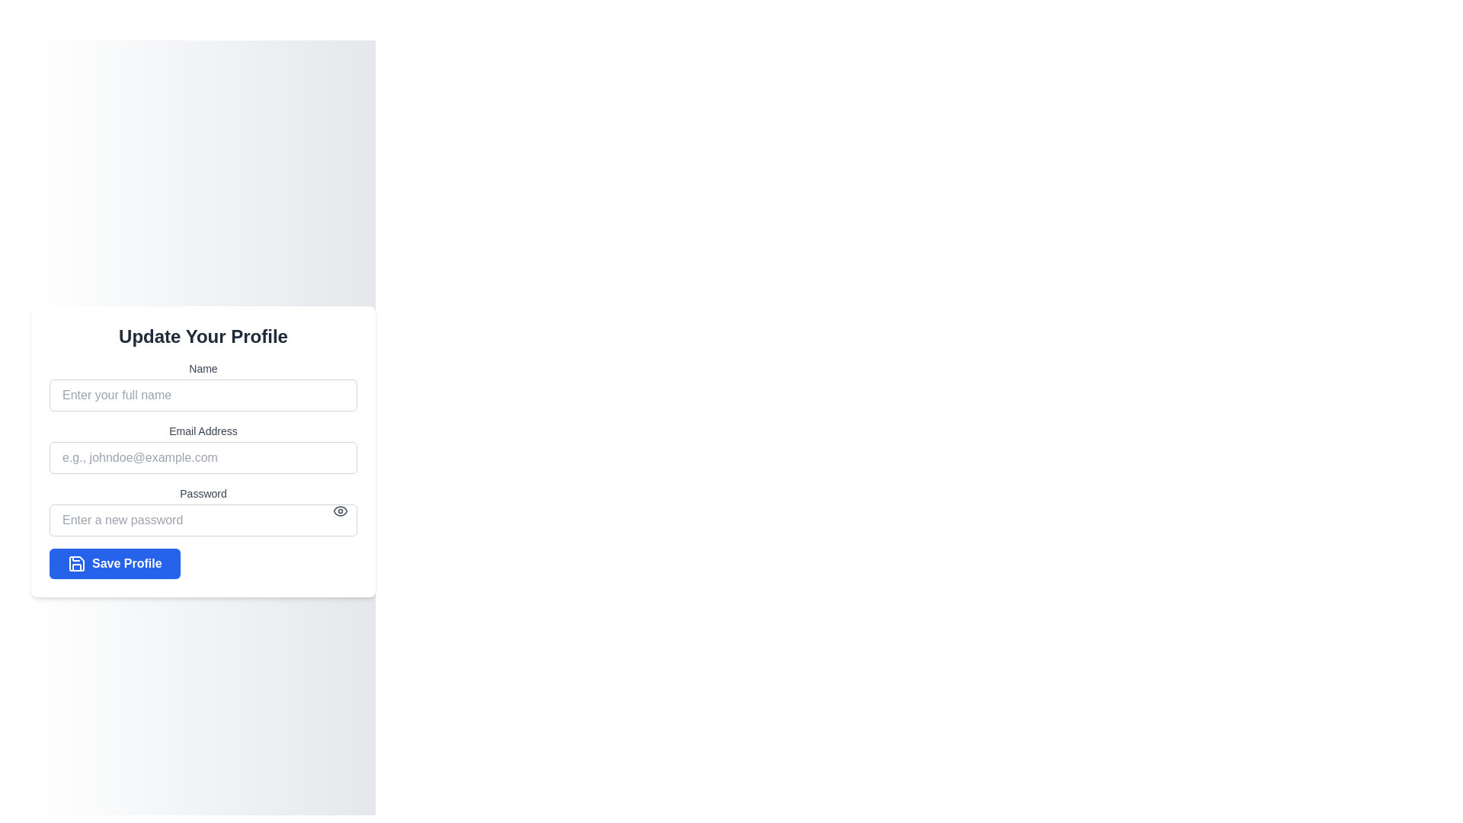 This screenshot has width=1463, height=823. What do you see at coordinates (203, 494) in the screenshot?
I see `the password label text element located above the password input field` at bounding box center [203, 494].